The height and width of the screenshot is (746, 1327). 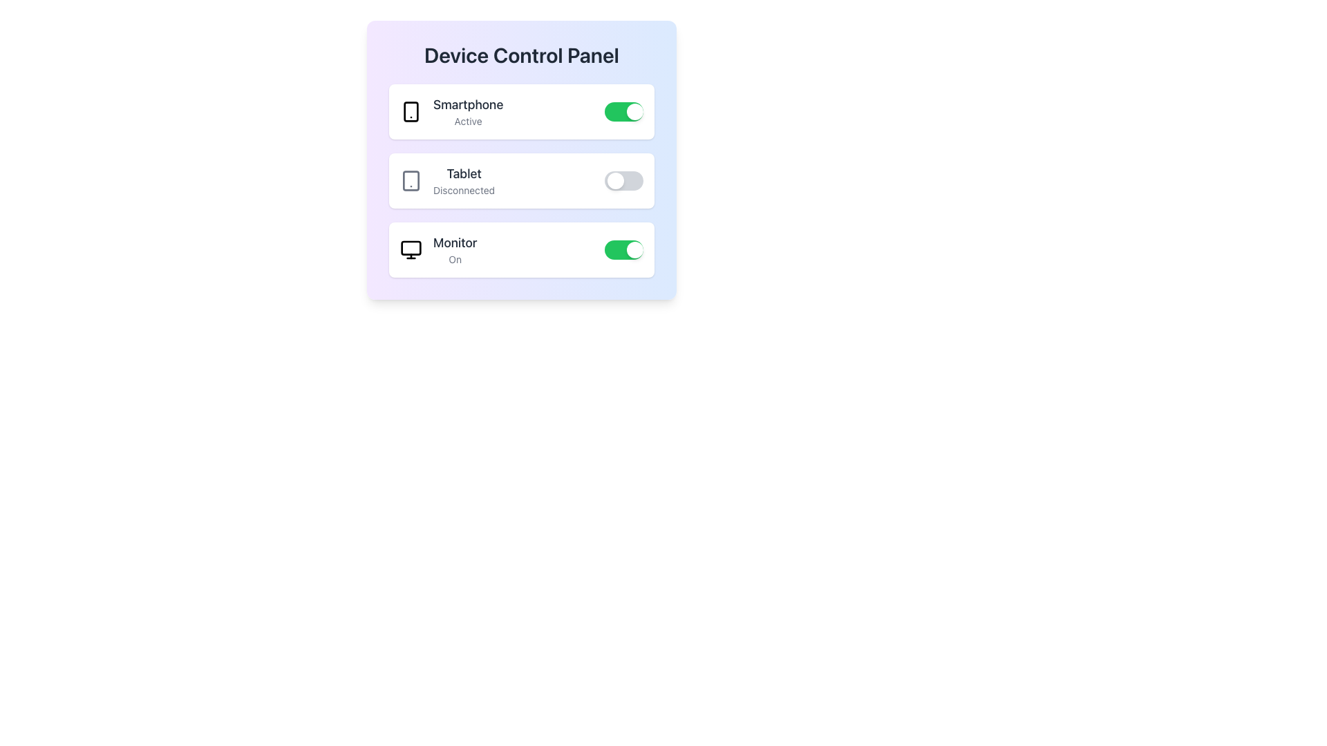 I want to click on the circular toggle knob with a white background located at the far right of the green toggle switch in the 'Monitor' control row, so click(x=634, y=250).